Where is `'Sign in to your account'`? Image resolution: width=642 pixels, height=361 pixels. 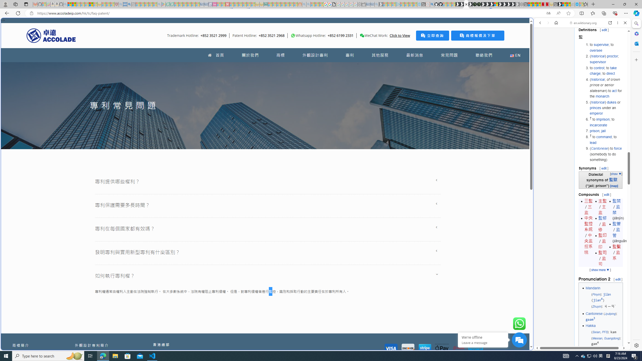 'Sign in to your account' is located at coordinates (496, 4).